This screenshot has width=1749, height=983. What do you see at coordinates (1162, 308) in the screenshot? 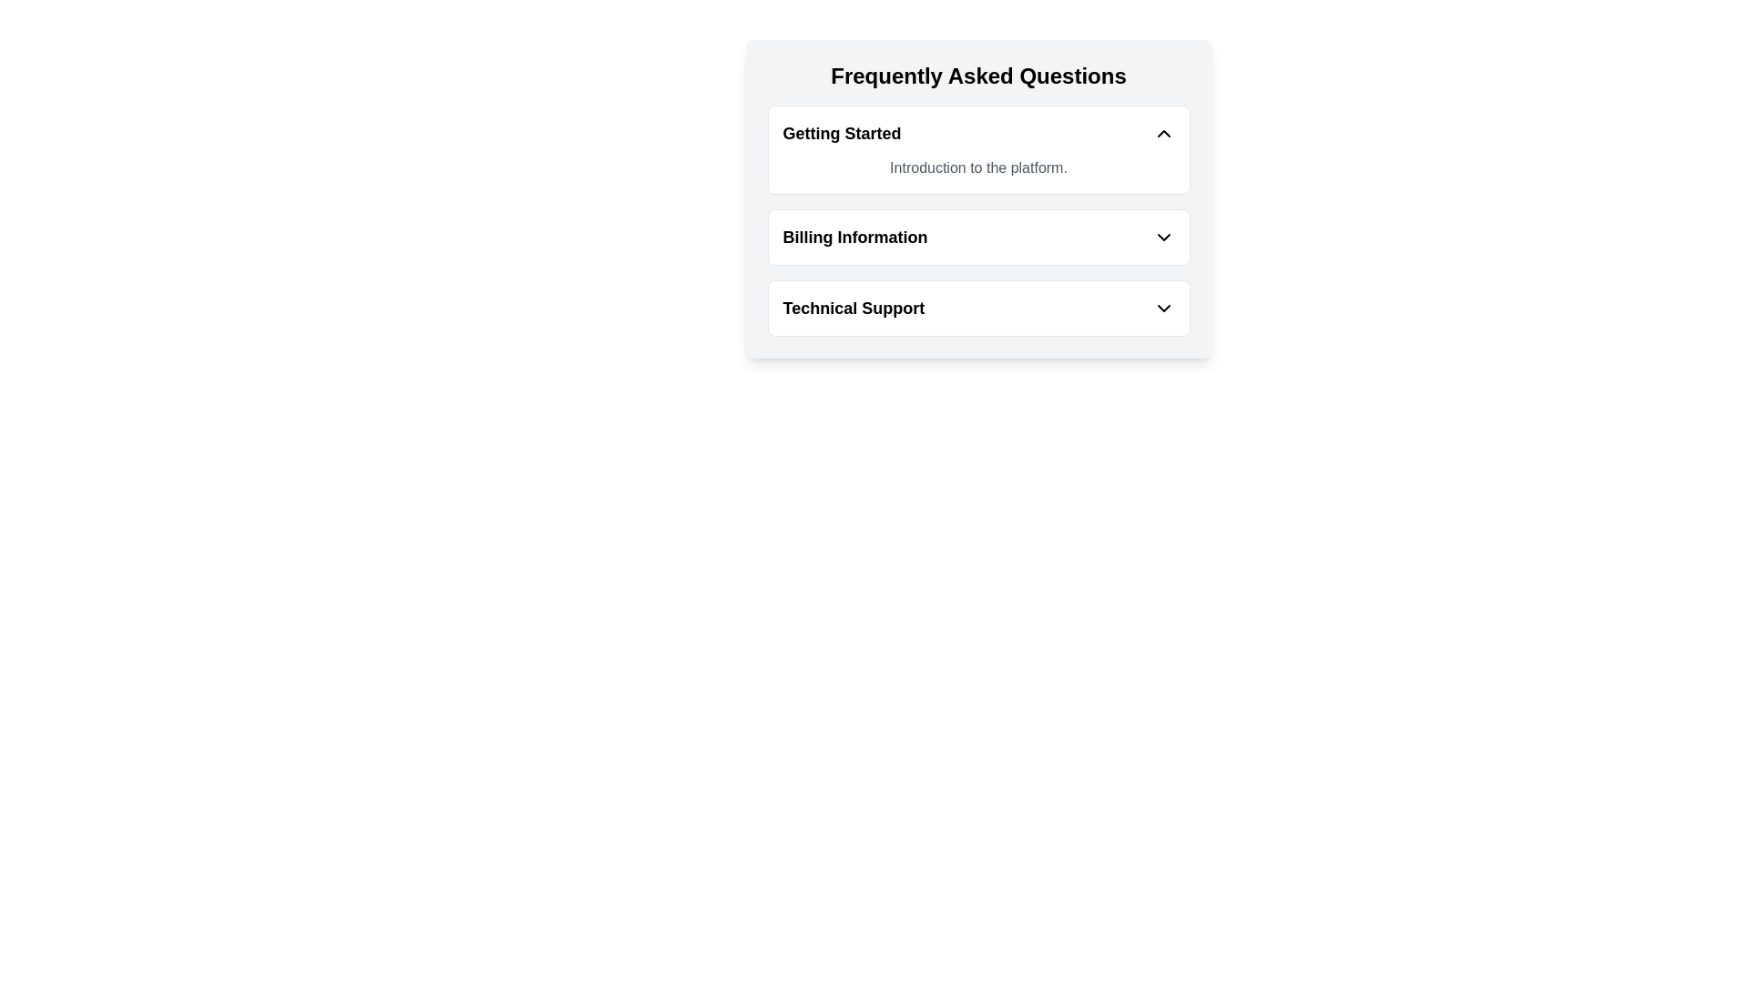
I see `the chevron icon` at bounding box center [1162, 308].